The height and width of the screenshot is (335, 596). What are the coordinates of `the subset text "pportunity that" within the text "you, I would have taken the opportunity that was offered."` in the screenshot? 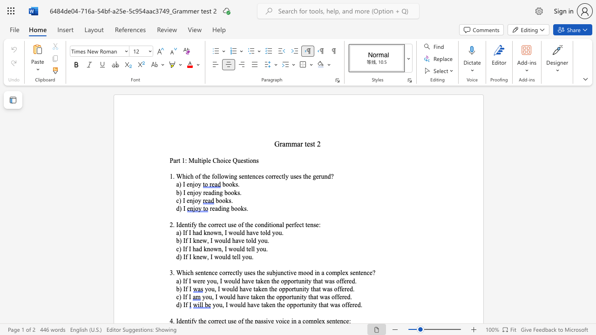 It's located at (289, 305).